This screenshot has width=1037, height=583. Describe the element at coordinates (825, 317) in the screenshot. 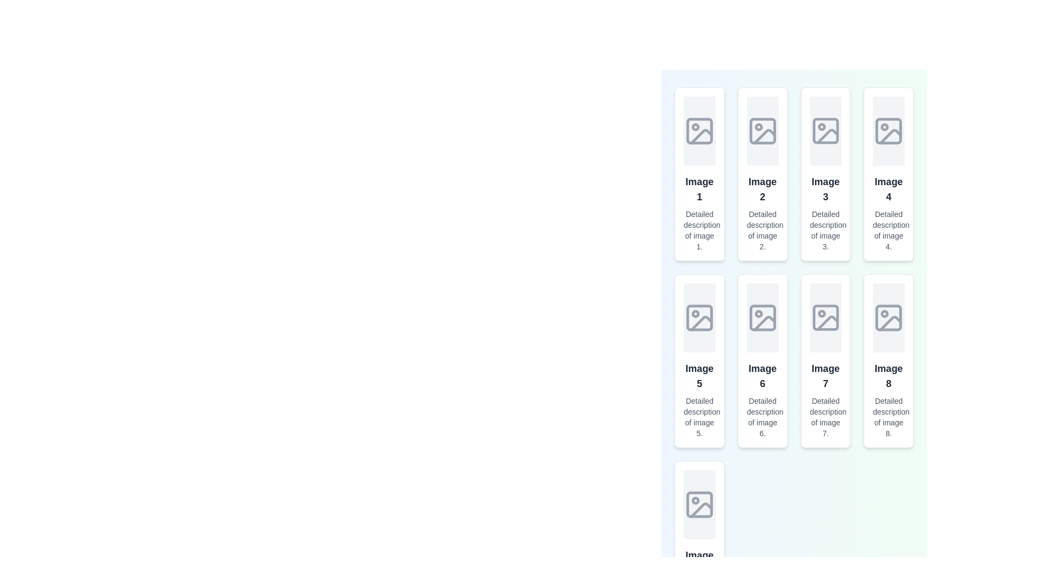

I see `the image placeholder located in the seventh card, positioned in the second row and third column of the grid layout` at that location.